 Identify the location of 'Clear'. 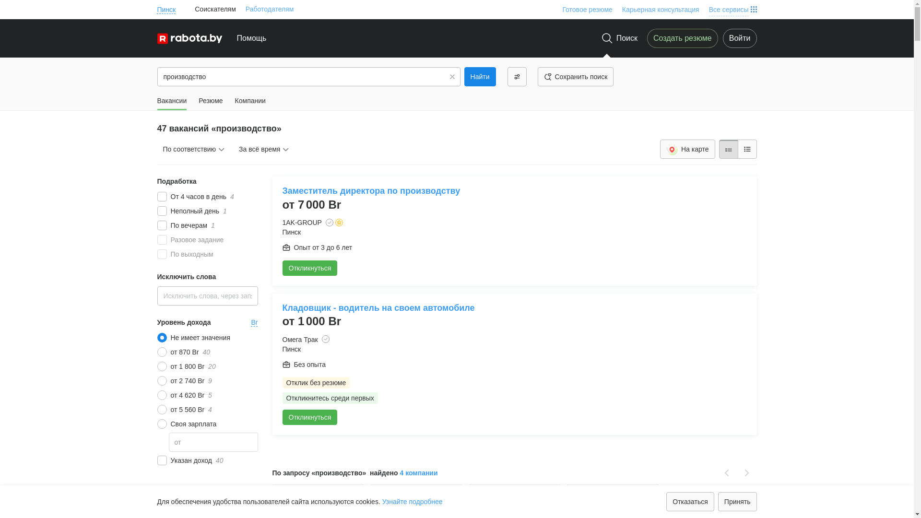
(451, 76).